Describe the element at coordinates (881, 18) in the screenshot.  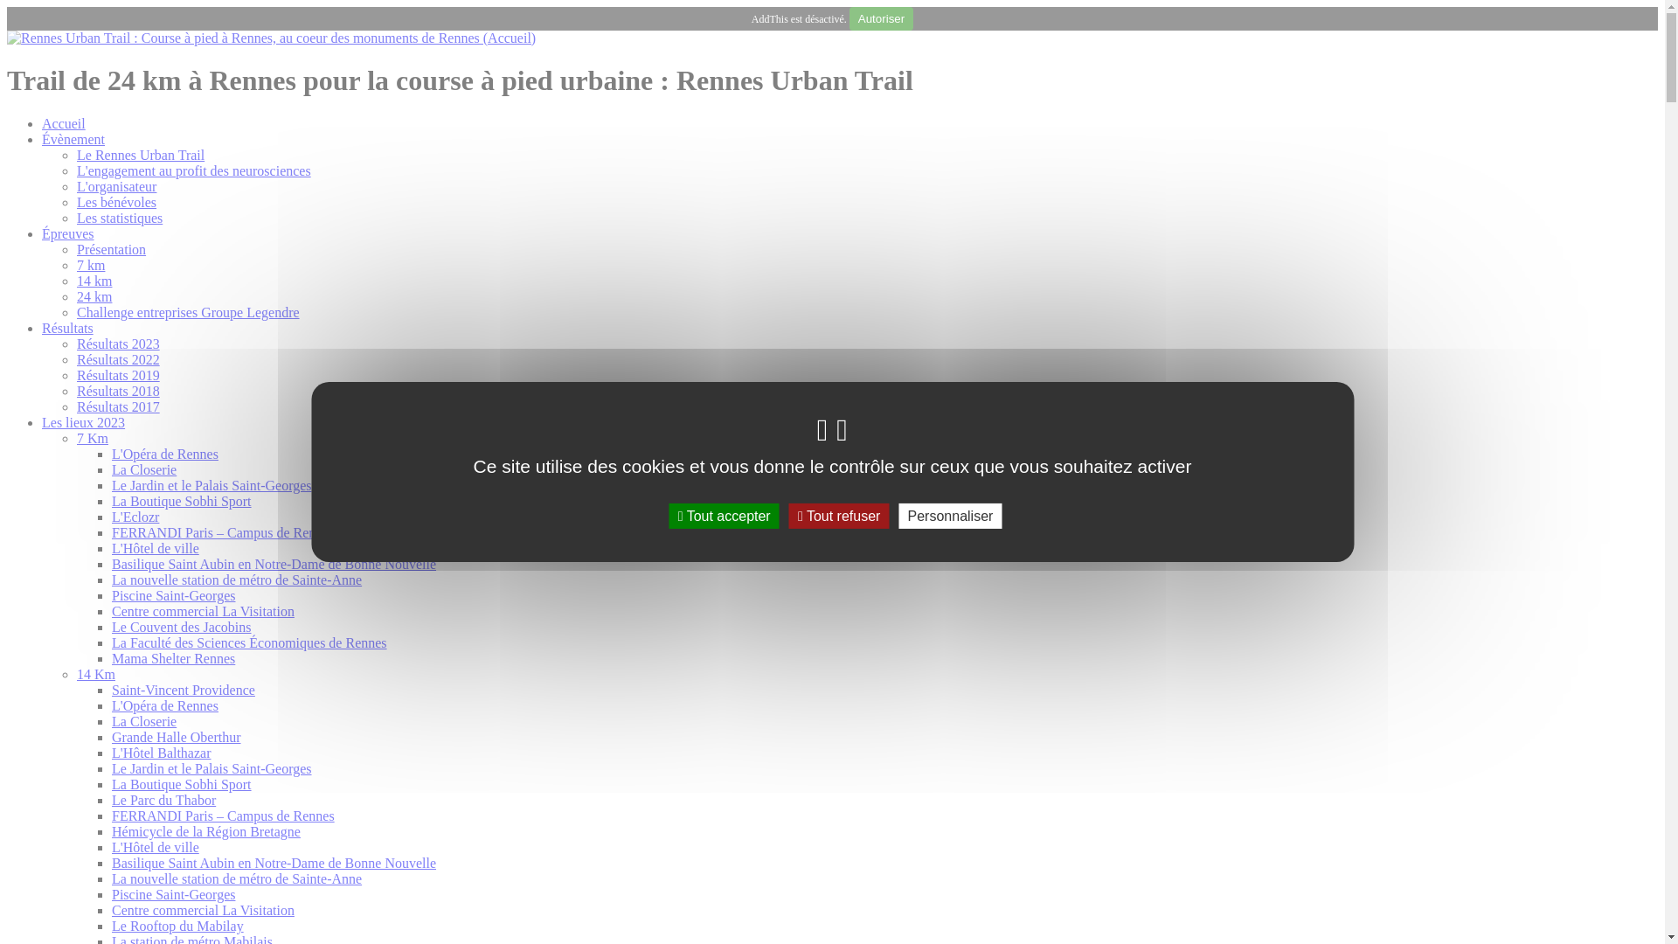
I see `'Autoriser'` at that location.